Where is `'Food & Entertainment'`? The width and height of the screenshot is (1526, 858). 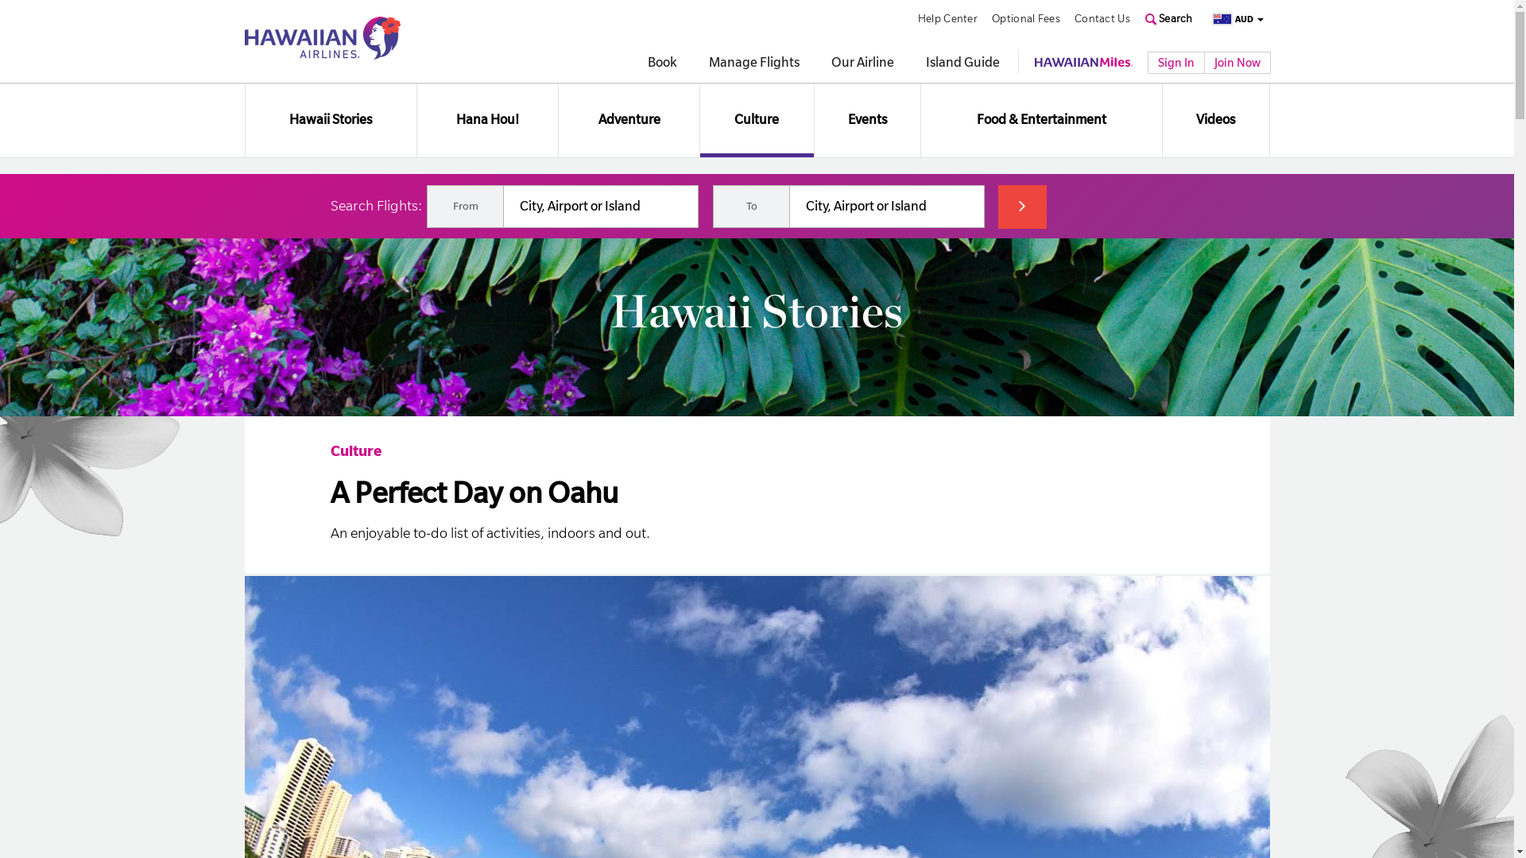
'Food & Entertainment' is located at coordinates (1041, 119).